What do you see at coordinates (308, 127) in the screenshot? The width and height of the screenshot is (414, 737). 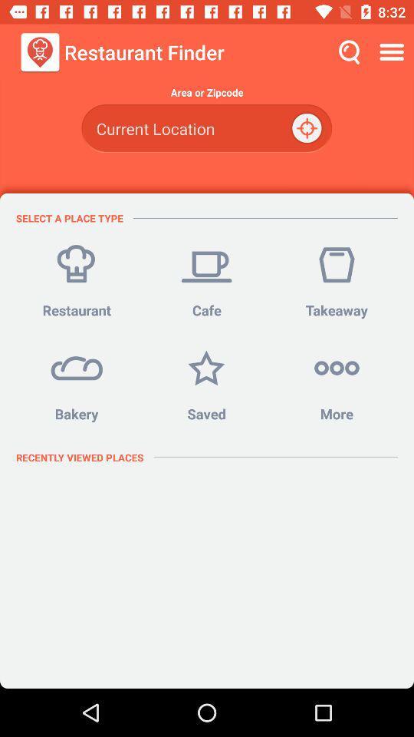 I see `the location_crosshair icon` at bounding box center [308, 127].